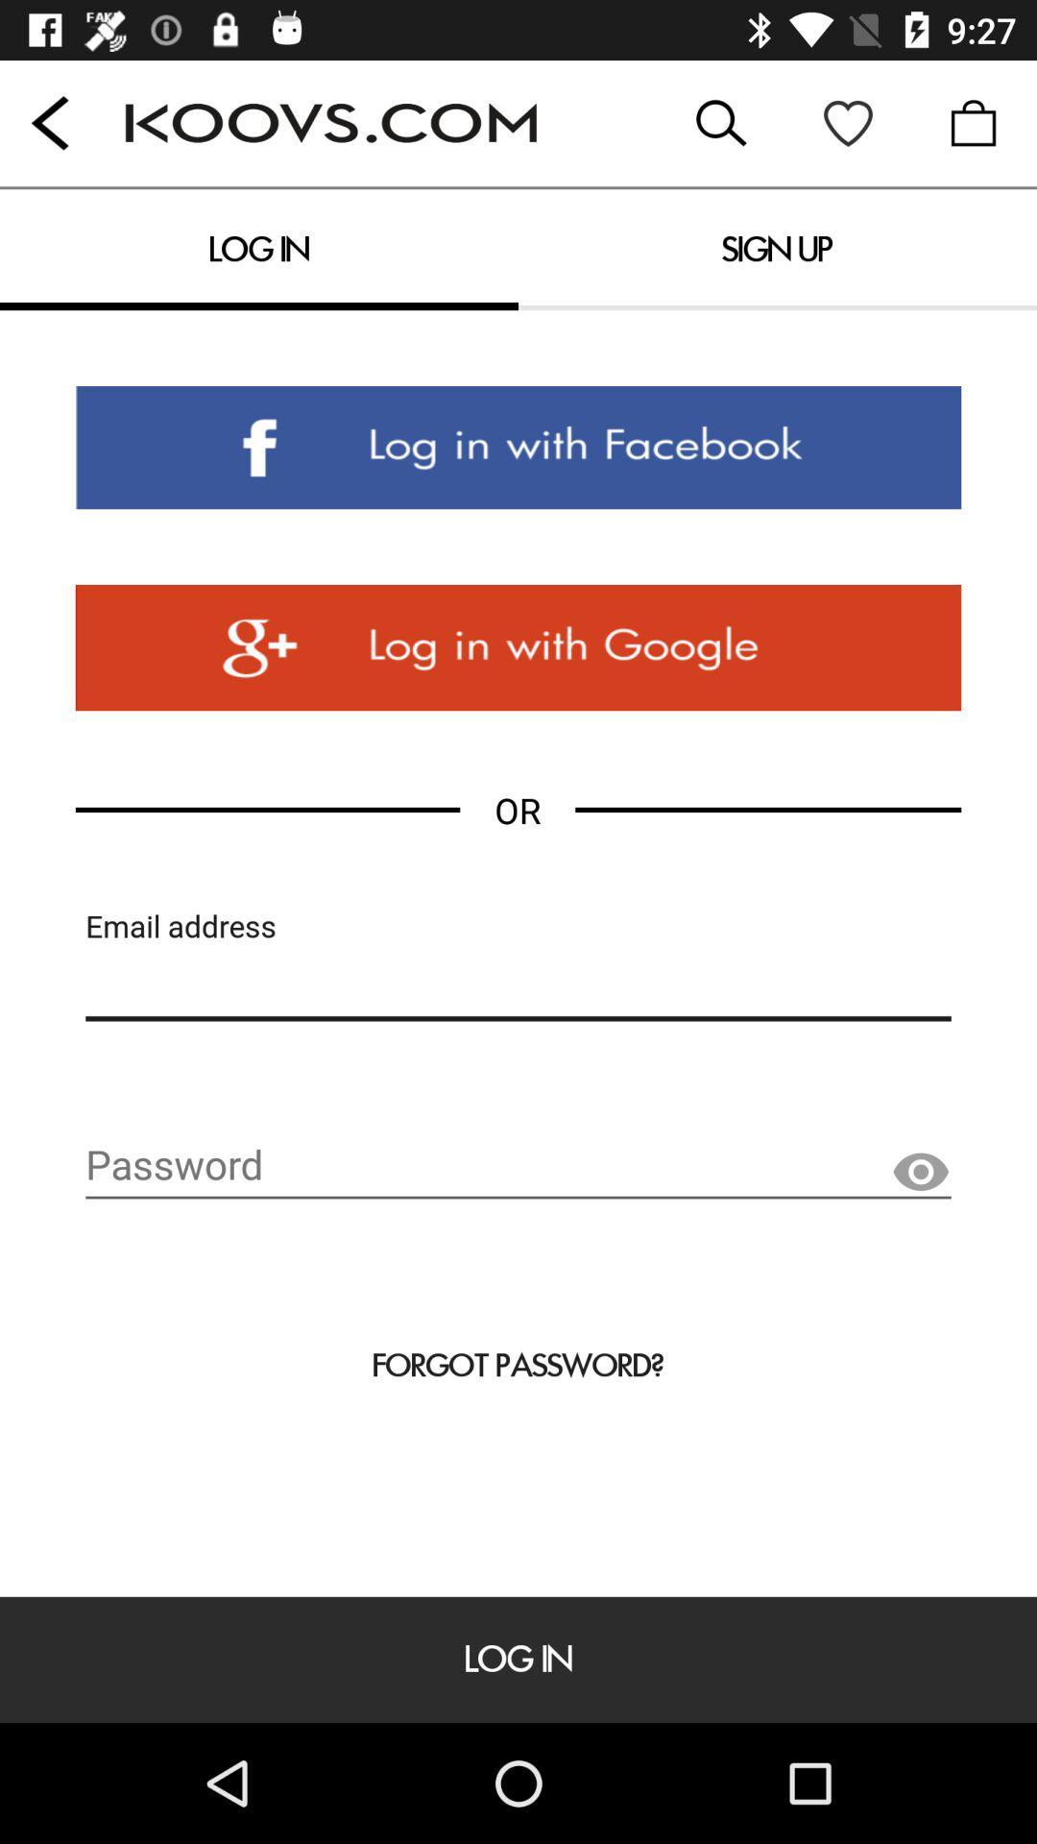 This screenshot has height=1844, width=1037. What do you see at coordinates (49, 122) in the screenshot?
I see `the arrow_backward icon` at bounding box center [49, 122].